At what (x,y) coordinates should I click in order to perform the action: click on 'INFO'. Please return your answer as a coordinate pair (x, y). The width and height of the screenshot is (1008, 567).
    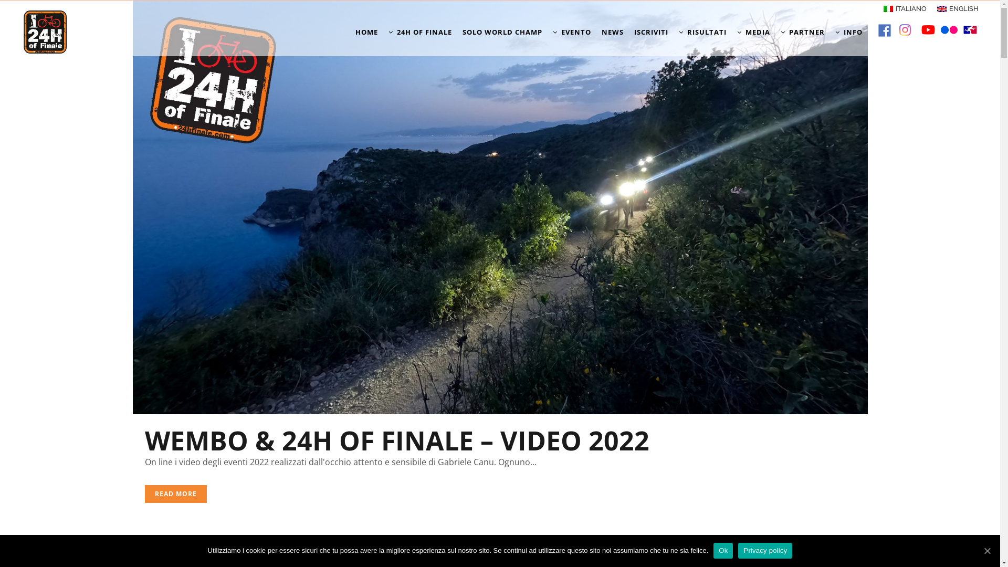
    Looking at the image, I should click on (849, 31).